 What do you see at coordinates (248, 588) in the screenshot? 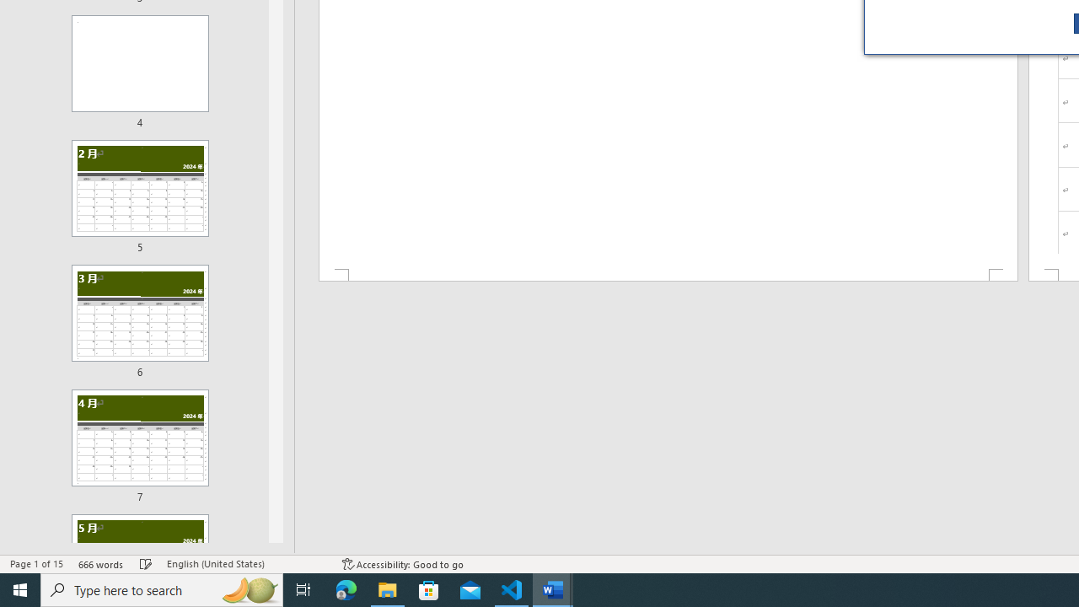
I see `'Search highlights icon opens search home window'` at bounding box center [248, 588].